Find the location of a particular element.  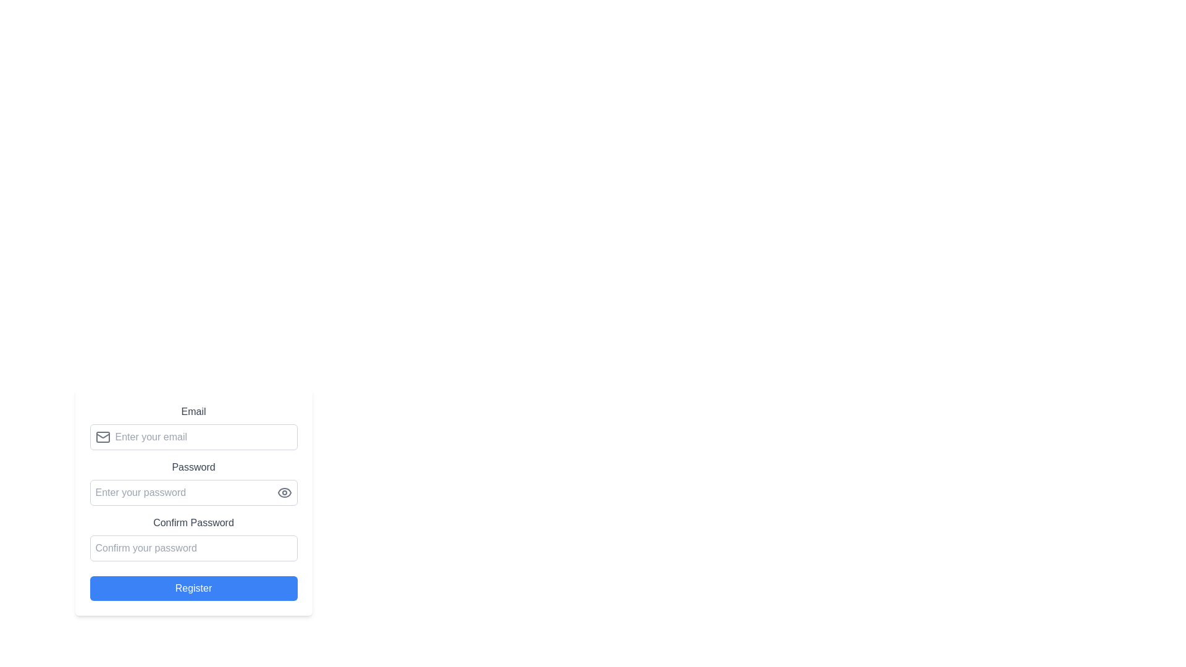

the 'Register' button, which is a rectangular button with a blue background and white text, located at the bottom of the form layout is located at coordinates (193, 587).